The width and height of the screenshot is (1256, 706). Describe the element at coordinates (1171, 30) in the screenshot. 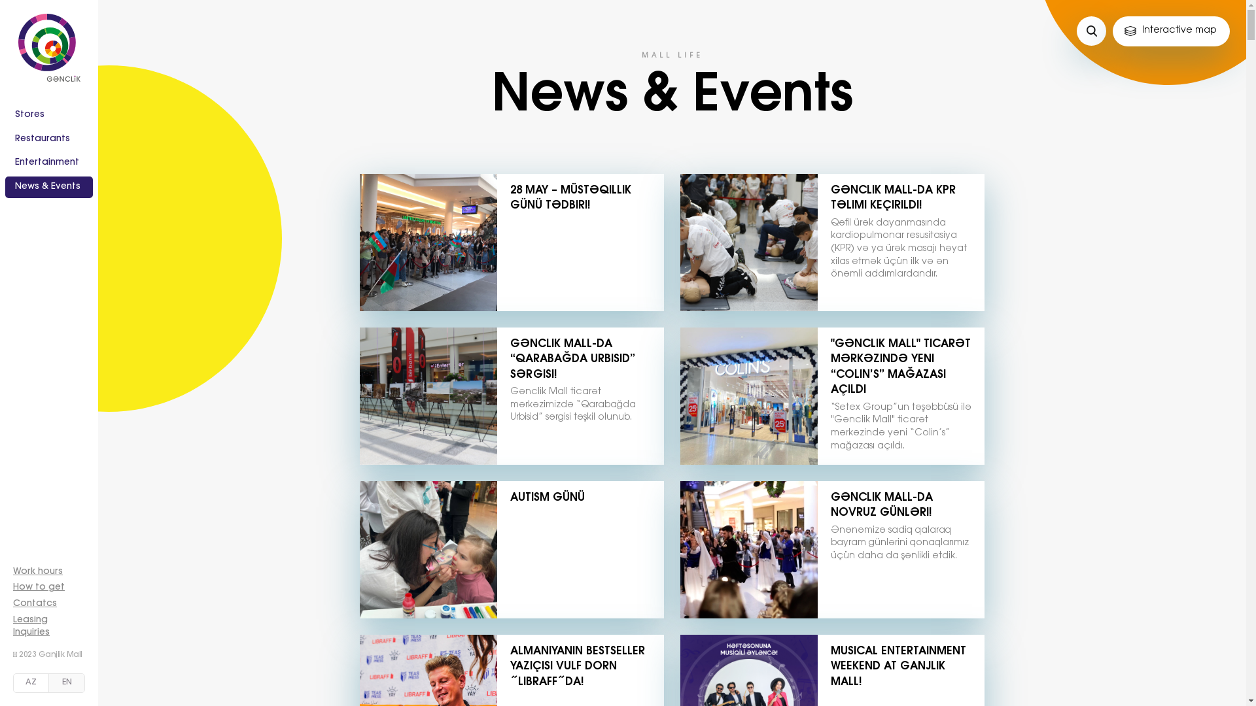

I see `'Interactive map'` at that location.